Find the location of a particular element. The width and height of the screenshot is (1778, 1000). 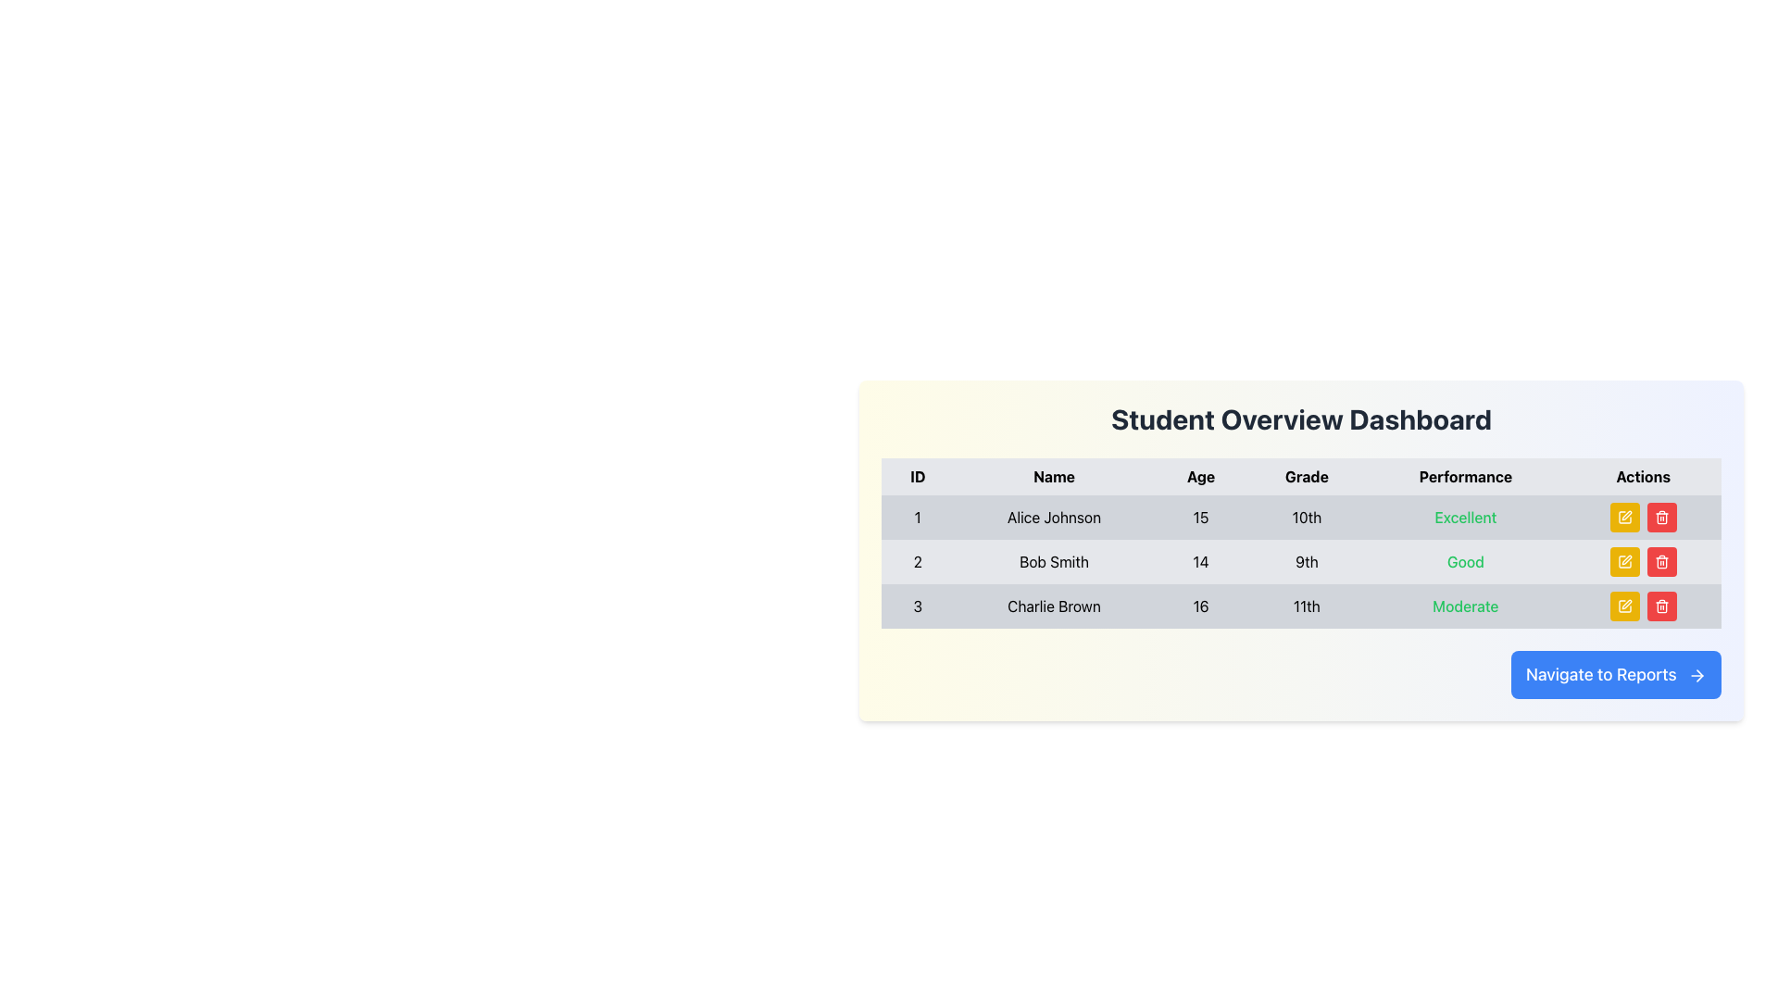

the text label displaying the name of the student associated with student ID '3' in the 'Student Overview Dashboard' table, located under the 'Name' column is located at coordinates (1054, 606).